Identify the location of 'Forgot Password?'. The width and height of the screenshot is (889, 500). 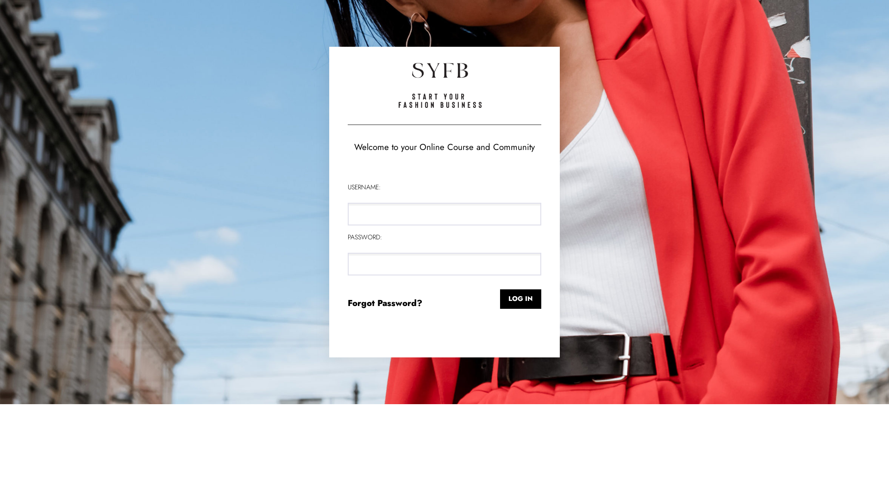
(385, 303).